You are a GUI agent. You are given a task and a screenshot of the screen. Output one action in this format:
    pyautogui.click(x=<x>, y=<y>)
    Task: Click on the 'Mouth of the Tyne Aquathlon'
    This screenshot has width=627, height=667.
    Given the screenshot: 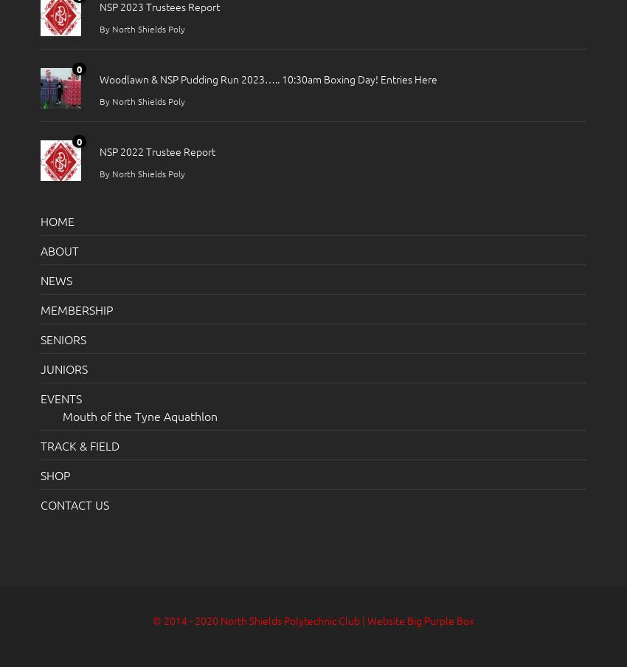 What is the action you would take?
    pyautogui.click(x=63, y=414)
    